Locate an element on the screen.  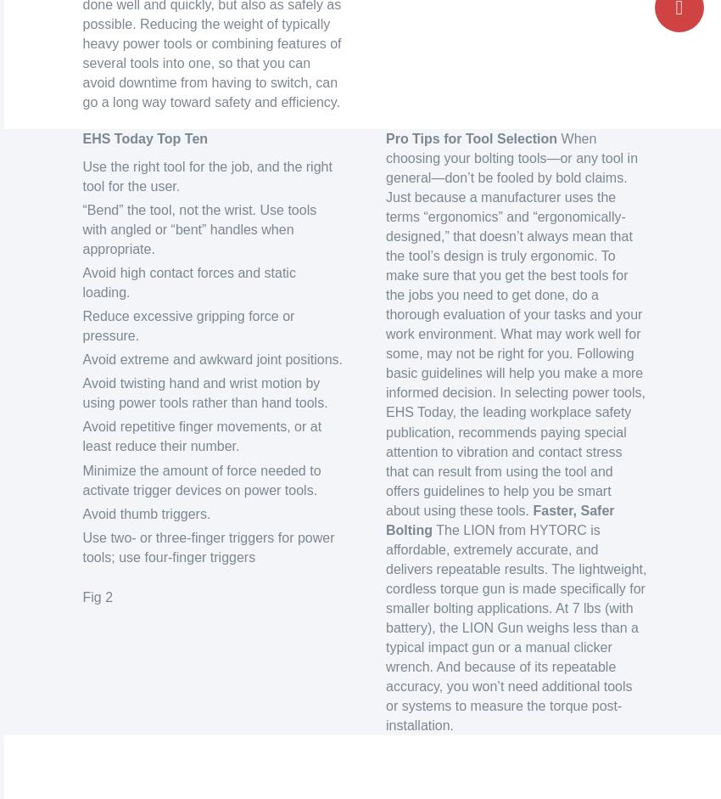
'Faster, Safer Bolting' is located at coordinates (385, 520).